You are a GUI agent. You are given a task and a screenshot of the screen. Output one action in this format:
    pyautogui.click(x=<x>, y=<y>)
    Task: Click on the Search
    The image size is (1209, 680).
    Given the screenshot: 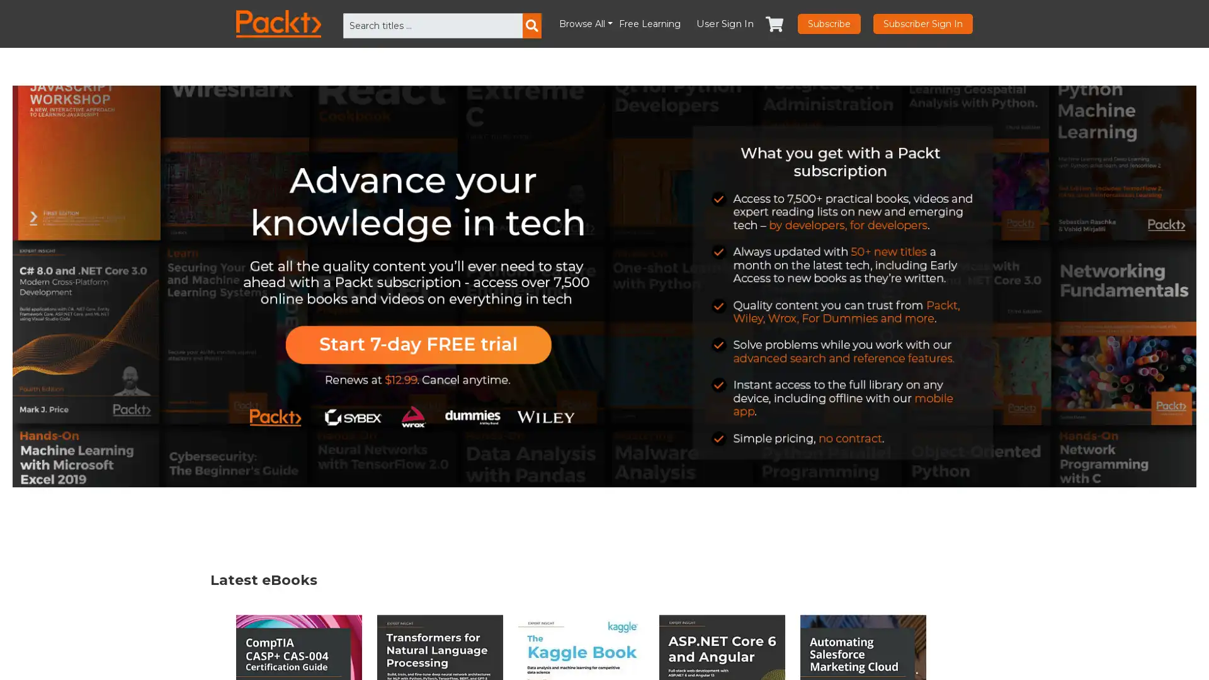 What is the action you would take?
    pyautogui.click(x=531, y=26)
    